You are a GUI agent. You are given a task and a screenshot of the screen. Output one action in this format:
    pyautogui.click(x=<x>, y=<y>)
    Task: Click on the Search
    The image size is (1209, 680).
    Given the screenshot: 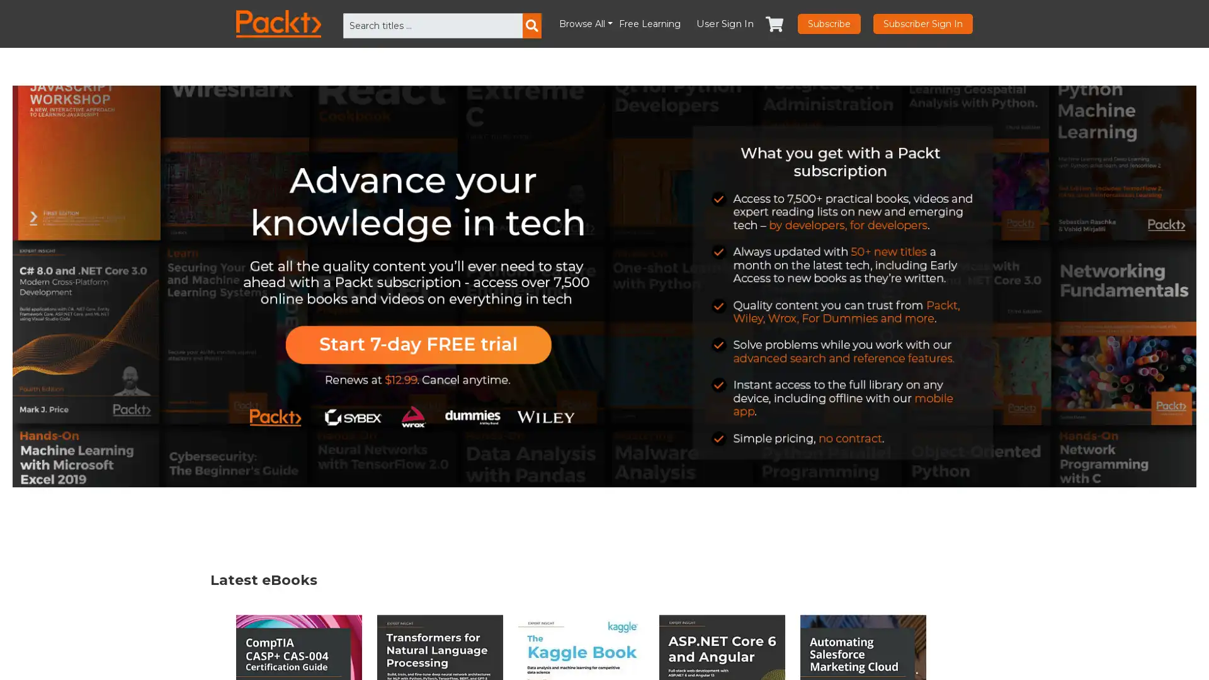 What is the action you would take?
    pyautogui.click(x=531, y=26)
    